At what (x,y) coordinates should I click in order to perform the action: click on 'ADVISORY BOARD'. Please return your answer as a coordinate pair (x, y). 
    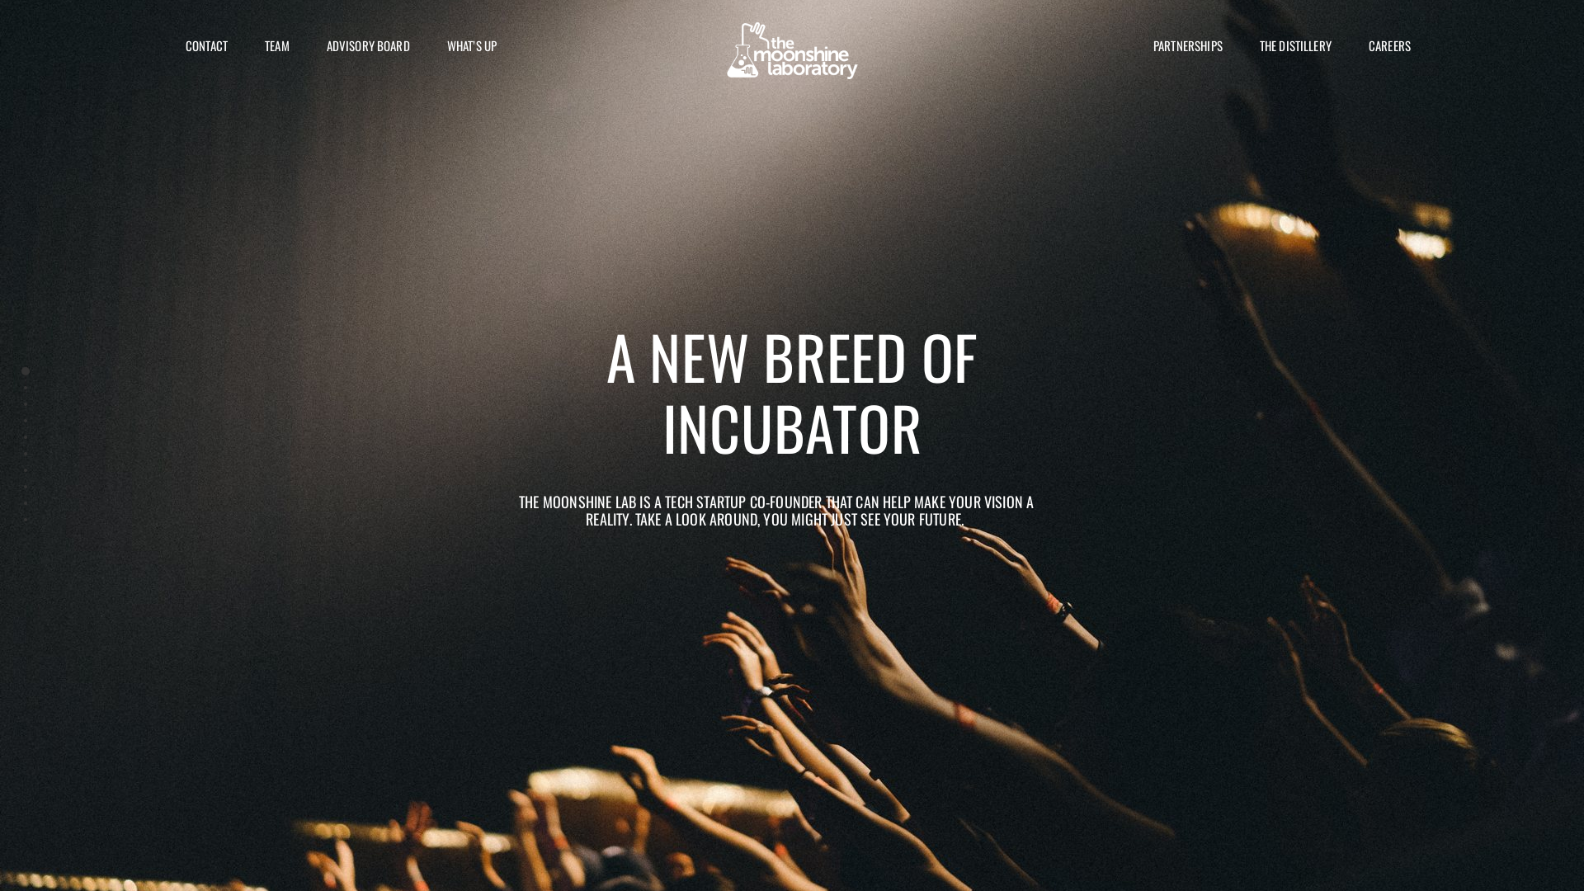
    Looking at the image, I should click on (361, 49).